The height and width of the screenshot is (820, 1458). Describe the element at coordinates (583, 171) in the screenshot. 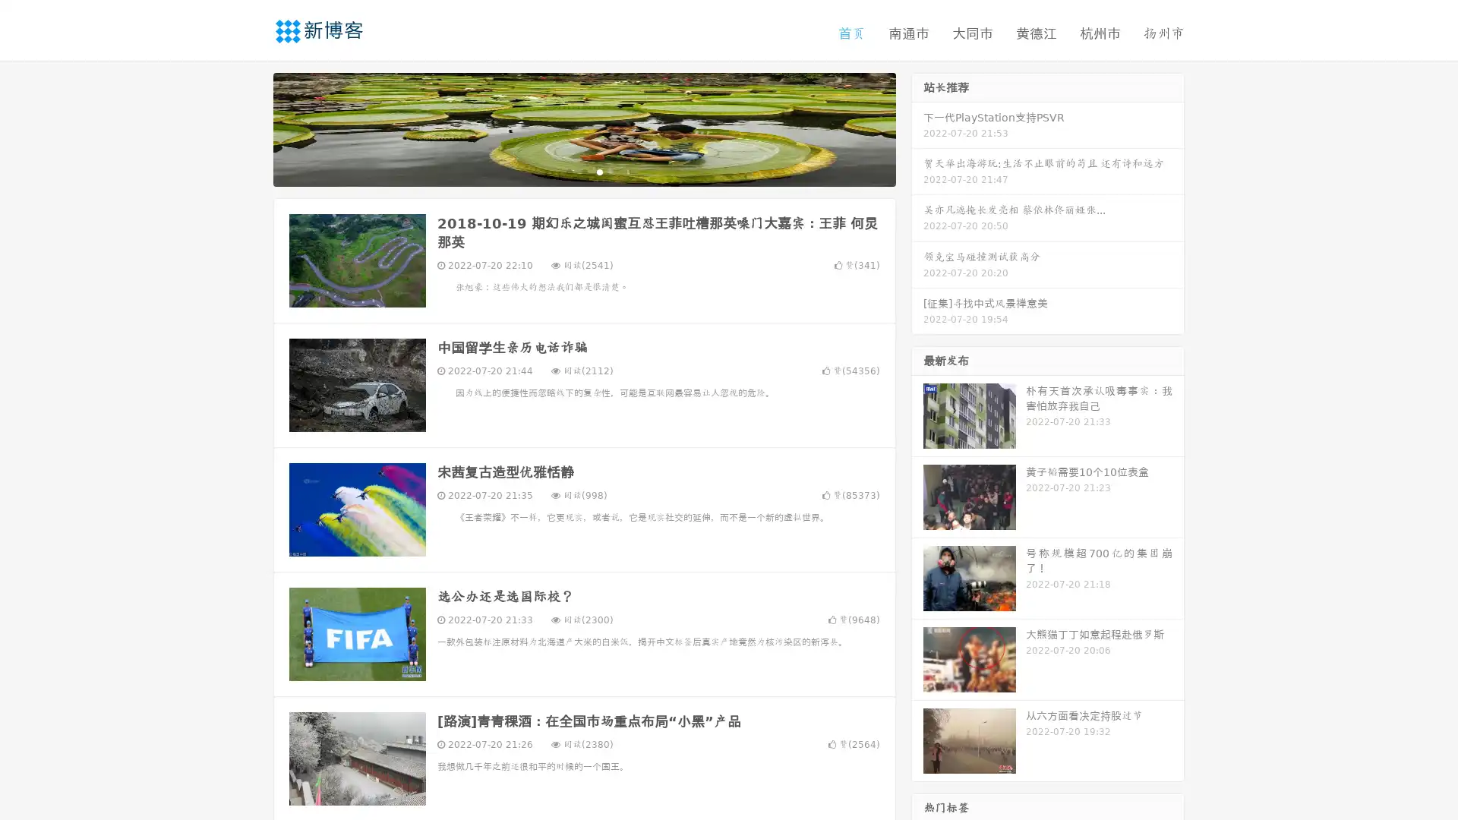

I see `Go to slide 2` at that location.